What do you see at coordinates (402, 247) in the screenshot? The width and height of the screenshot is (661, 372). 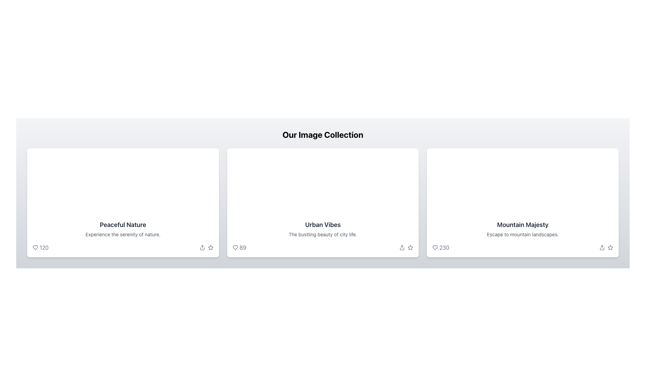 I see `the 'share' icon button located at the bottom-right section of the 'Urban Vibes' card` at bounding box center [402, 247].